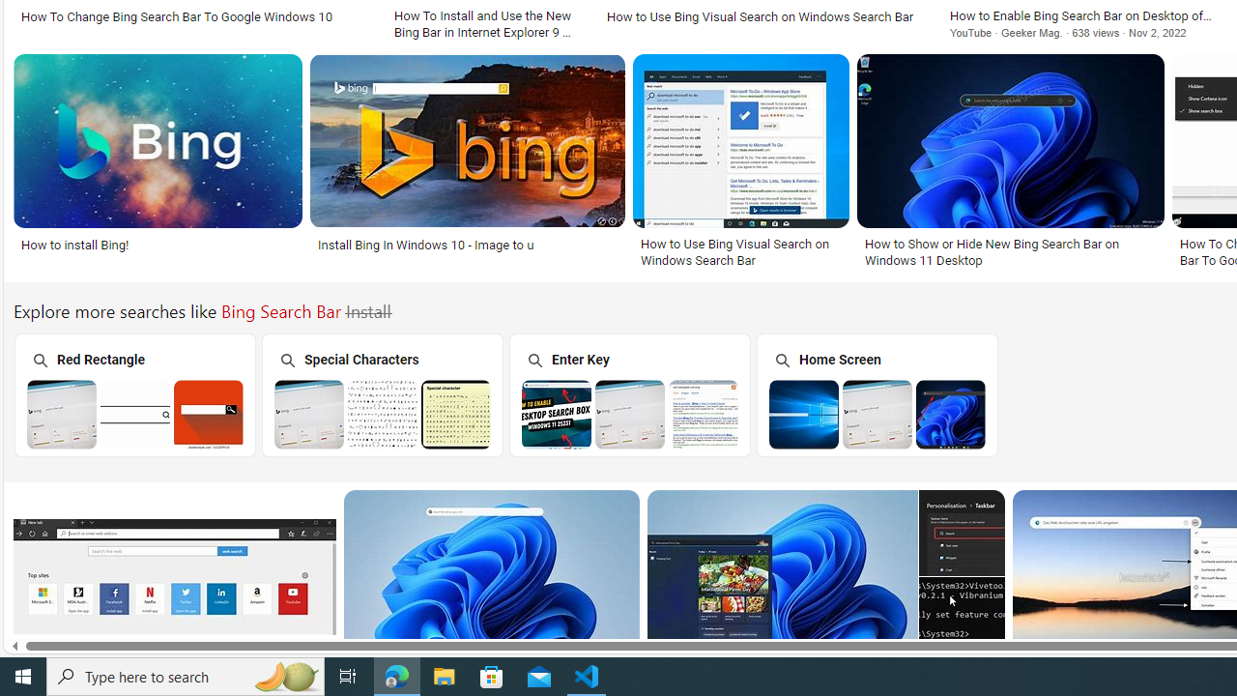 The width and height of the screenshot is (1237, 696). Describe the element at coordinates (161, 162) in the screenshot. I see `'How to install Bing!Save'` at that location.